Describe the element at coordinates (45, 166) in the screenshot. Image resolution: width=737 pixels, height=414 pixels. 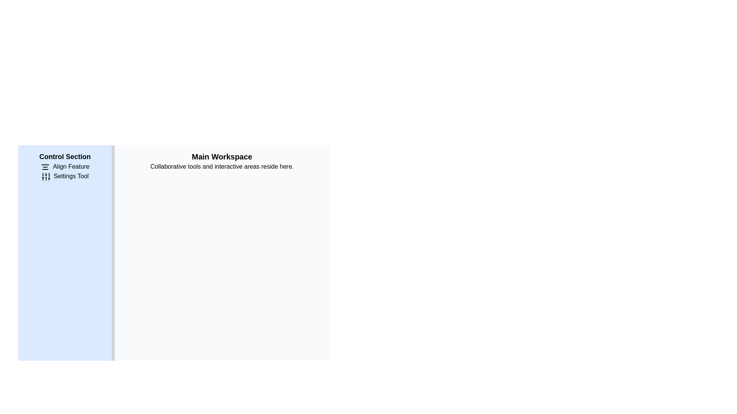
I see `the 'Align Feature' icon located within the 'Control Section' area, positioned just to the left of the 'Align Feature' label` at that location.